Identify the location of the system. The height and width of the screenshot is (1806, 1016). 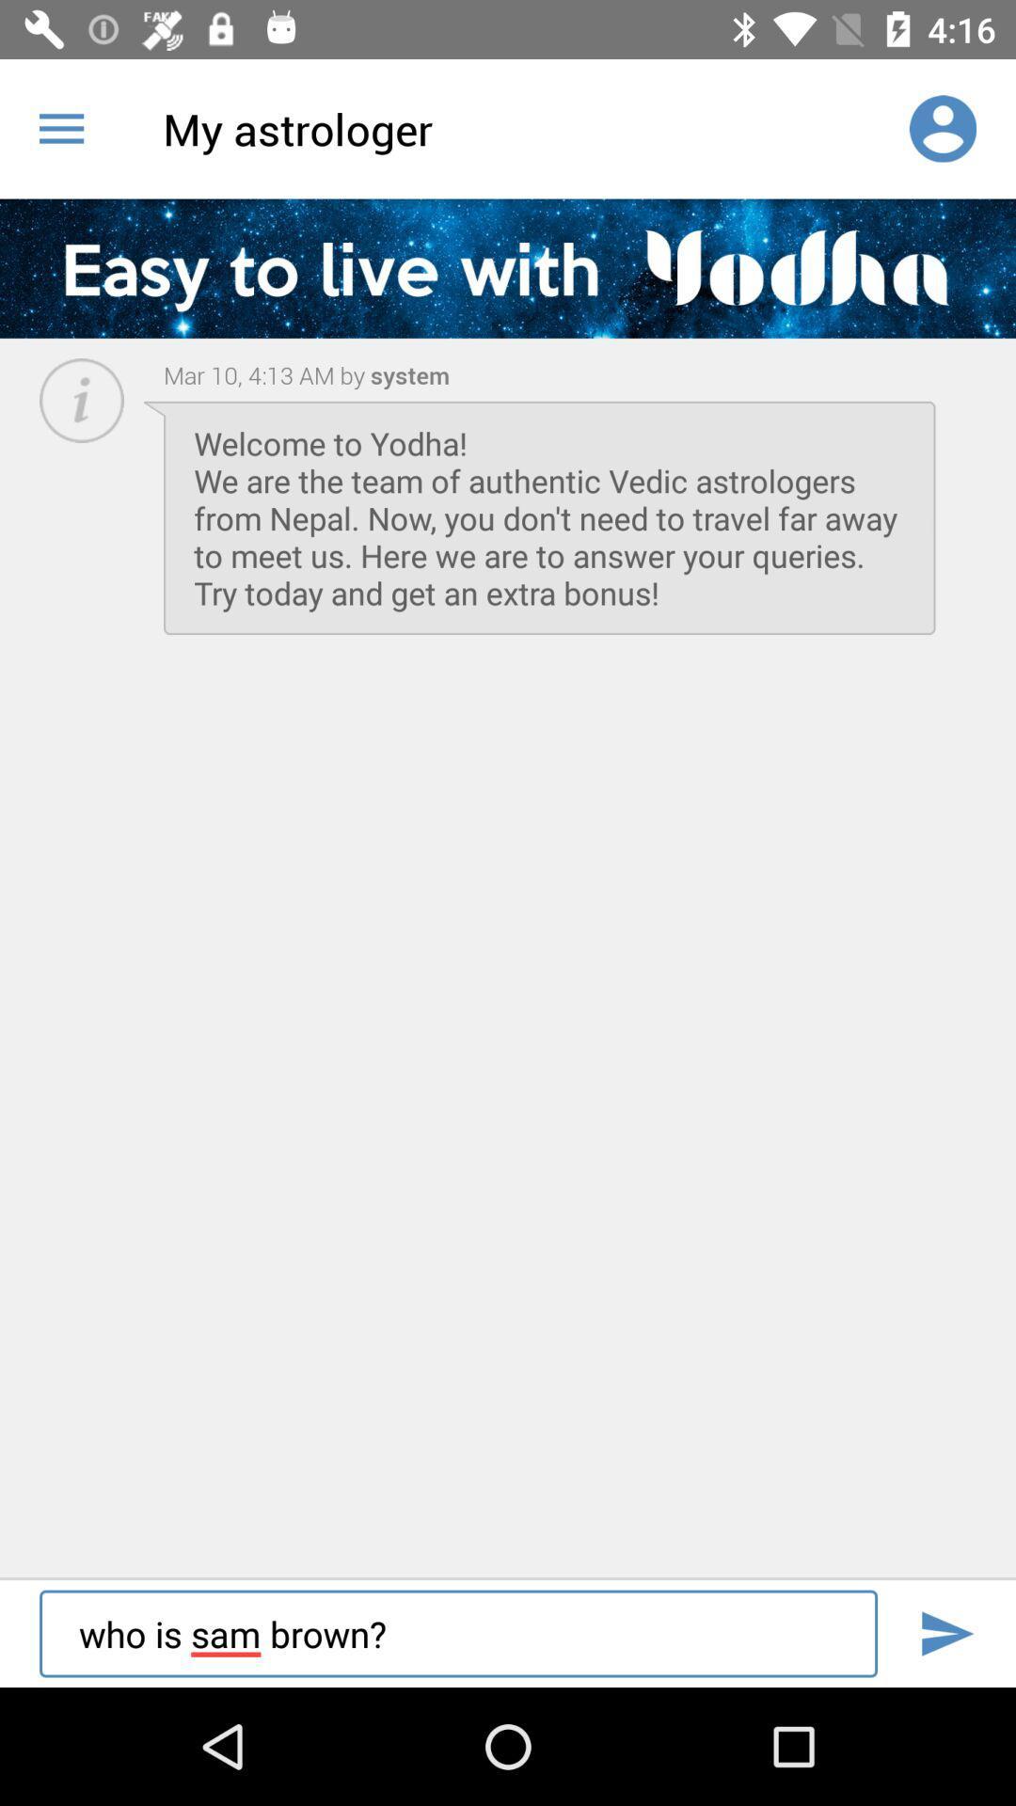
(406, 374).